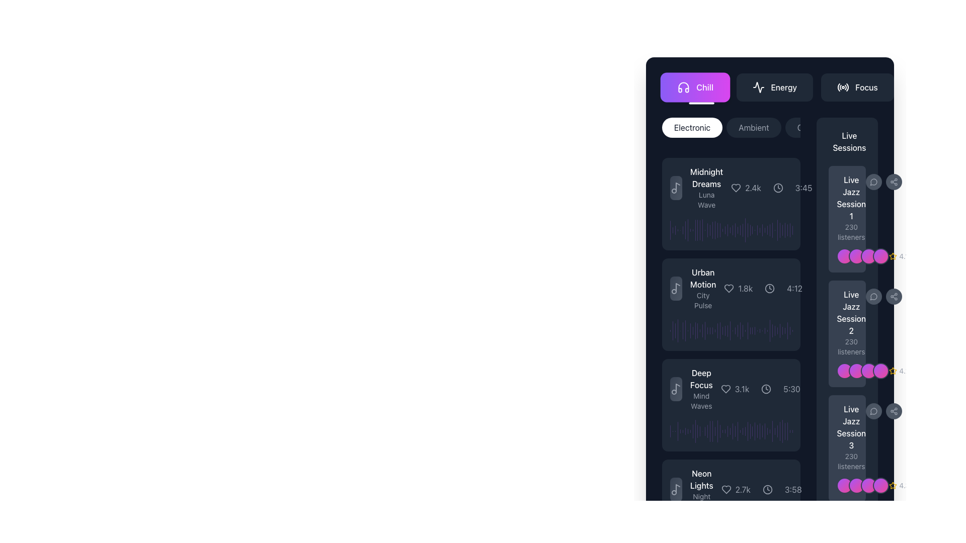  Describe the element at coordinates (894, 296) in the screenshot. I see `the sharing icon button, represented by three circles connected by lines, located in the right-hand sidebar next to 'Live Jazz Session 1' in the 'Live Sessions' section using keyboard navigation` at that location.